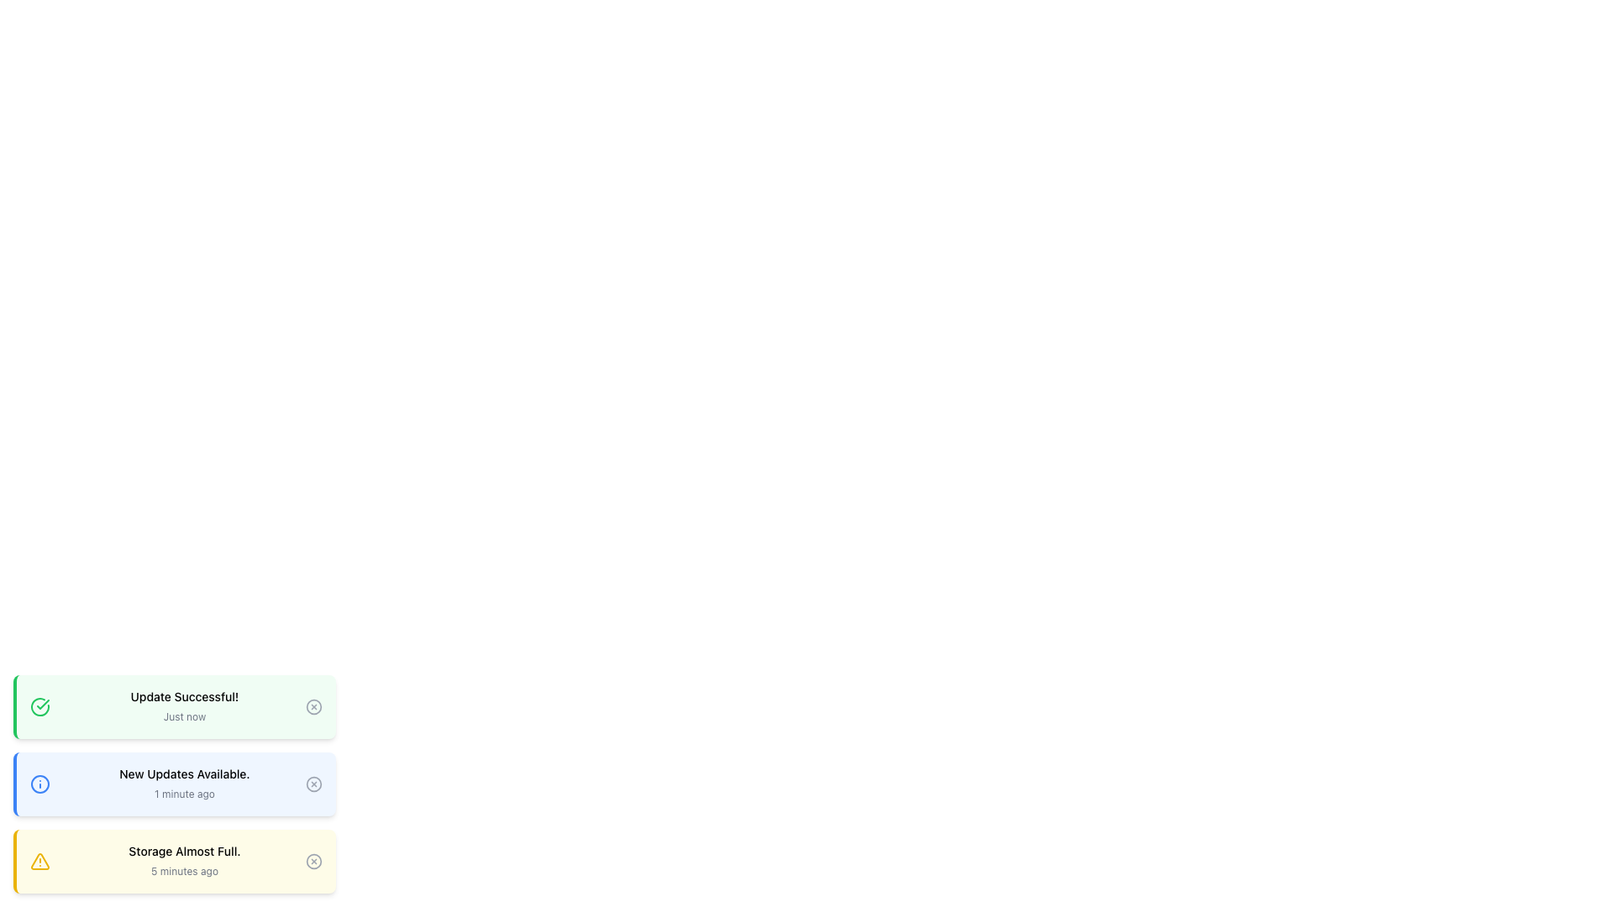  Describe the element at coordinates (40, 784) in the screenshot. I see `the graphical icon representing the notification in the 'New Updates Available' alert, located at the farthest left position before the text content` at that location.